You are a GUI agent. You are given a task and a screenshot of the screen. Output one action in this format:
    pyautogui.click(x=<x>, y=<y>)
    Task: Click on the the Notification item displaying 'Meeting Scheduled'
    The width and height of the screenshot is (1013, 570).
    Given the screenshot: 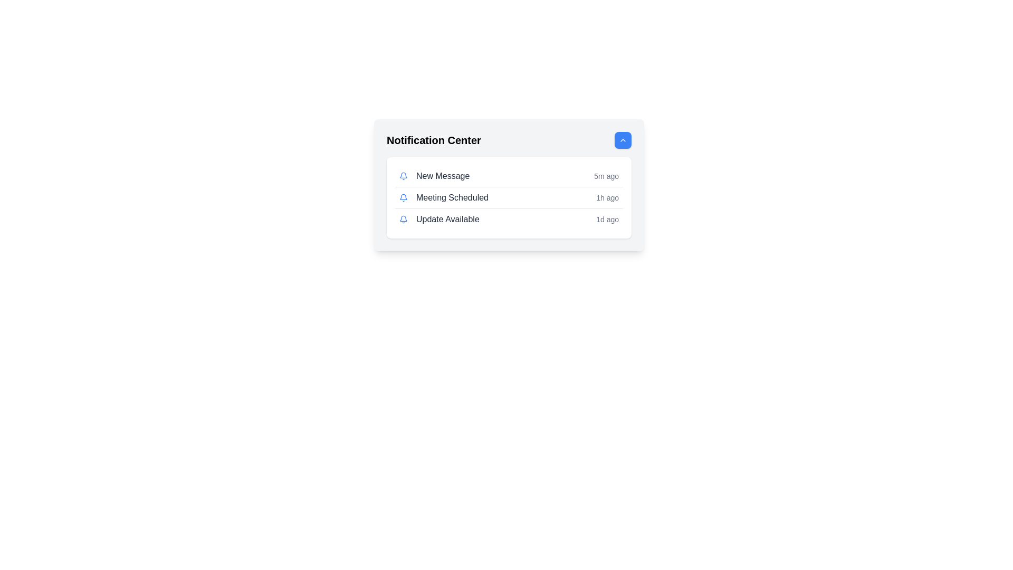 What is the action you would take?
    pyautogui.click(x=444, y=197)
    